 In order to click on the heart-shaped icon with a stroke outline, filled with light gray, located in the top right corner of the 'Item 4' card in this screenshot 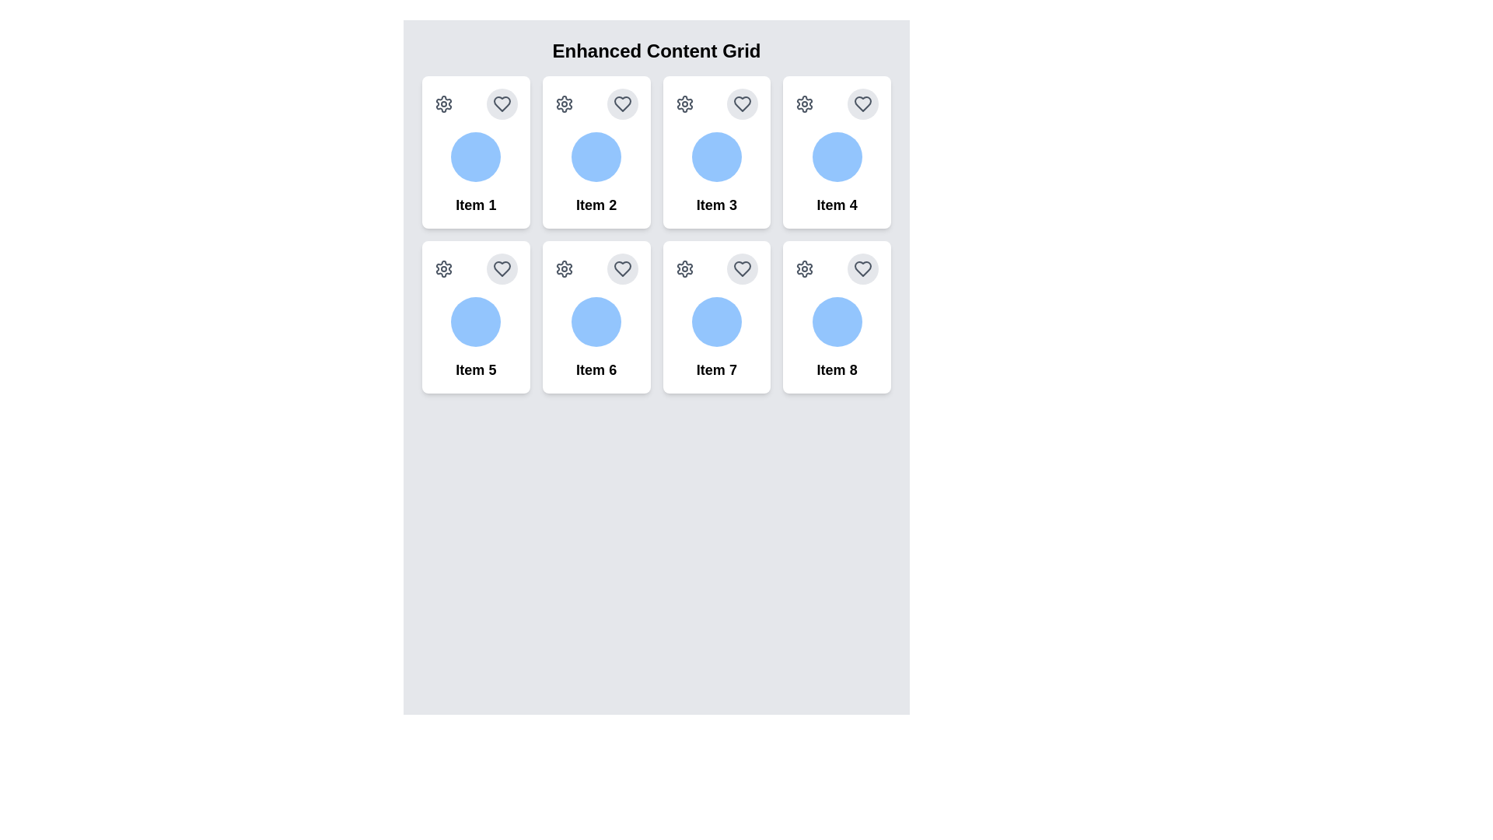, I will do `click(862, 104)`.